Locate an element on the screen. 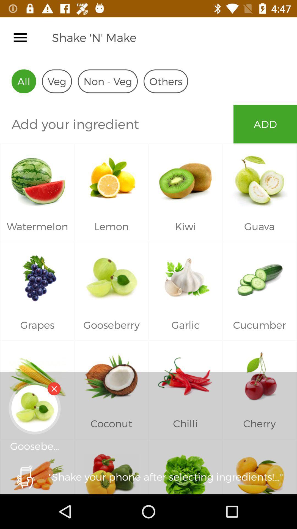 The width and height of the screenshot is (297, 529). menu is located at coordinates (20, 37).